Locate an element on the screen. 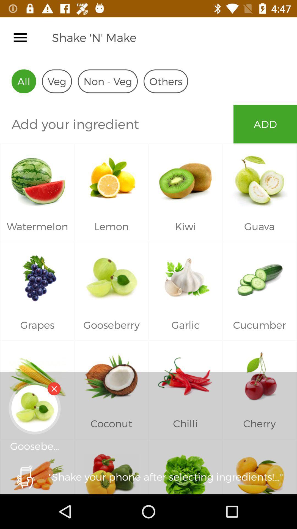 The width and height of the screenshot is (297, 529). menu is located at coordinates (20, 37).